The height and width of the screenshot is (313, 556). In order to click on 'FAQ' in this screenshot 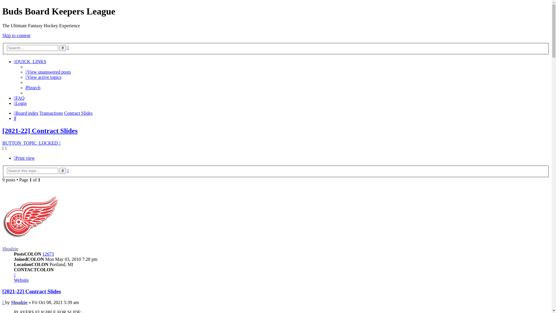, I will do `click(19, 98)`.